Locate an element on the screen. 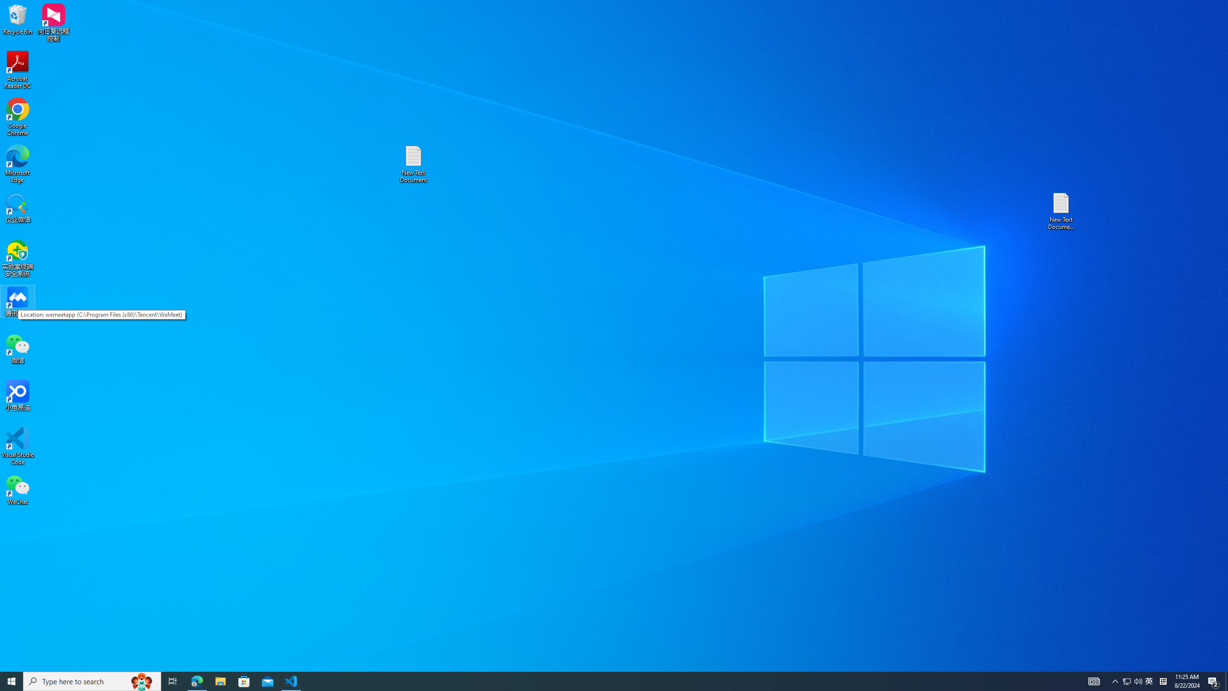 Image resolution: width=1228 pixels, height=691 pixels. 'Task View' is located at coordinates (172, 680).